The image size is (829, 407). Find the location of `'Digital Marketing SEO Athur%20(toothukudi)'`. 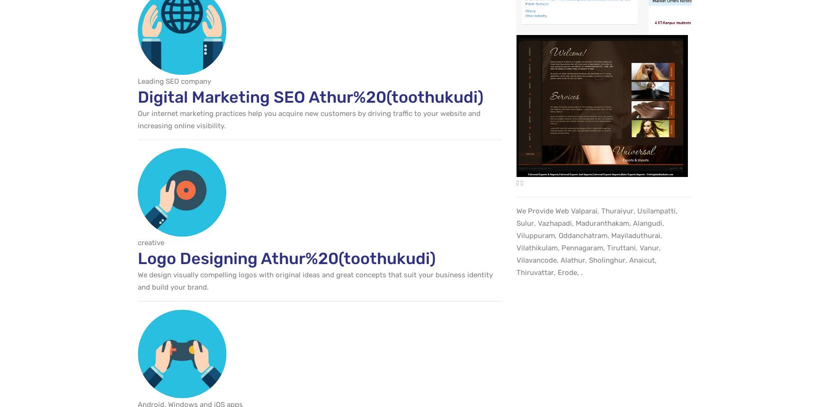

'Digital Marketing SEO Athur%20(toothukudi)' is located at coordinates (137, 97).